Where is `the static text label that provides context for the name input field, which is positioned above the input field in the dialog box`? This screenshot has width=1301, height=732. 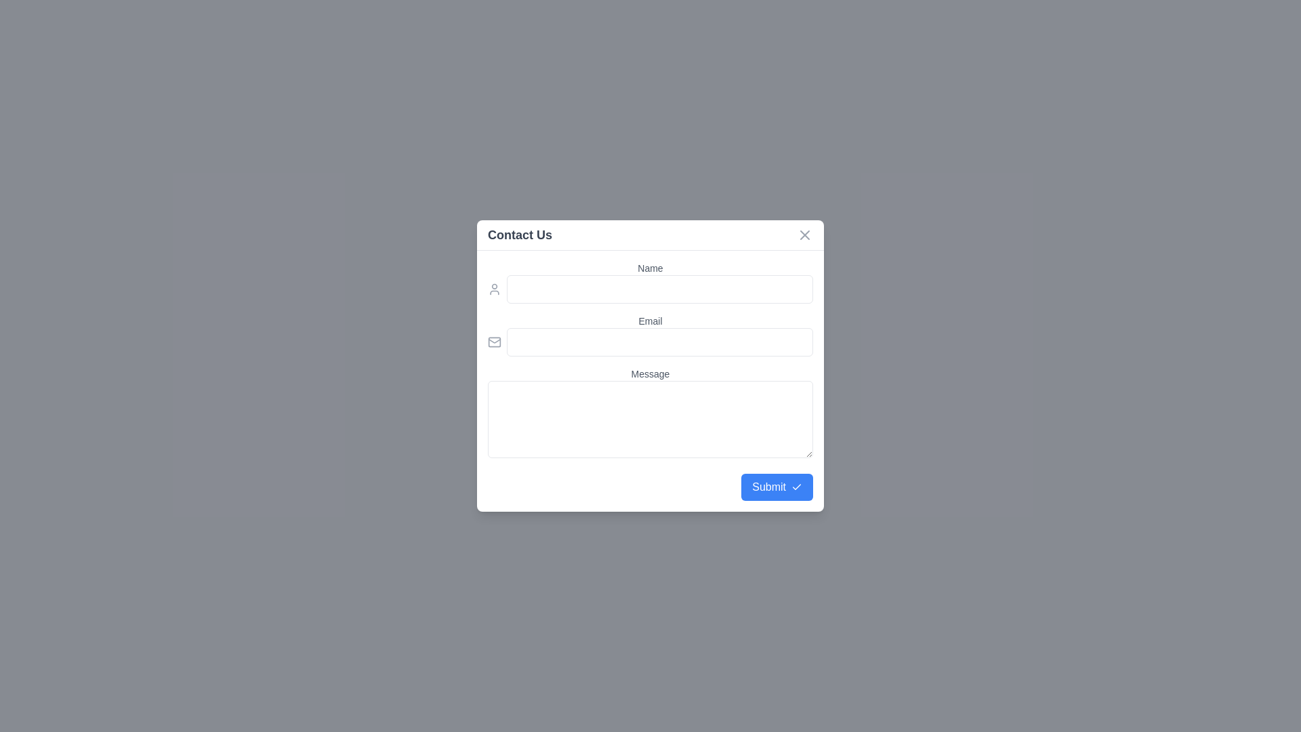
the static text label that provides context for the name input field, which is positioned above the input field in the dialog box is located at coordinates (650, 268).